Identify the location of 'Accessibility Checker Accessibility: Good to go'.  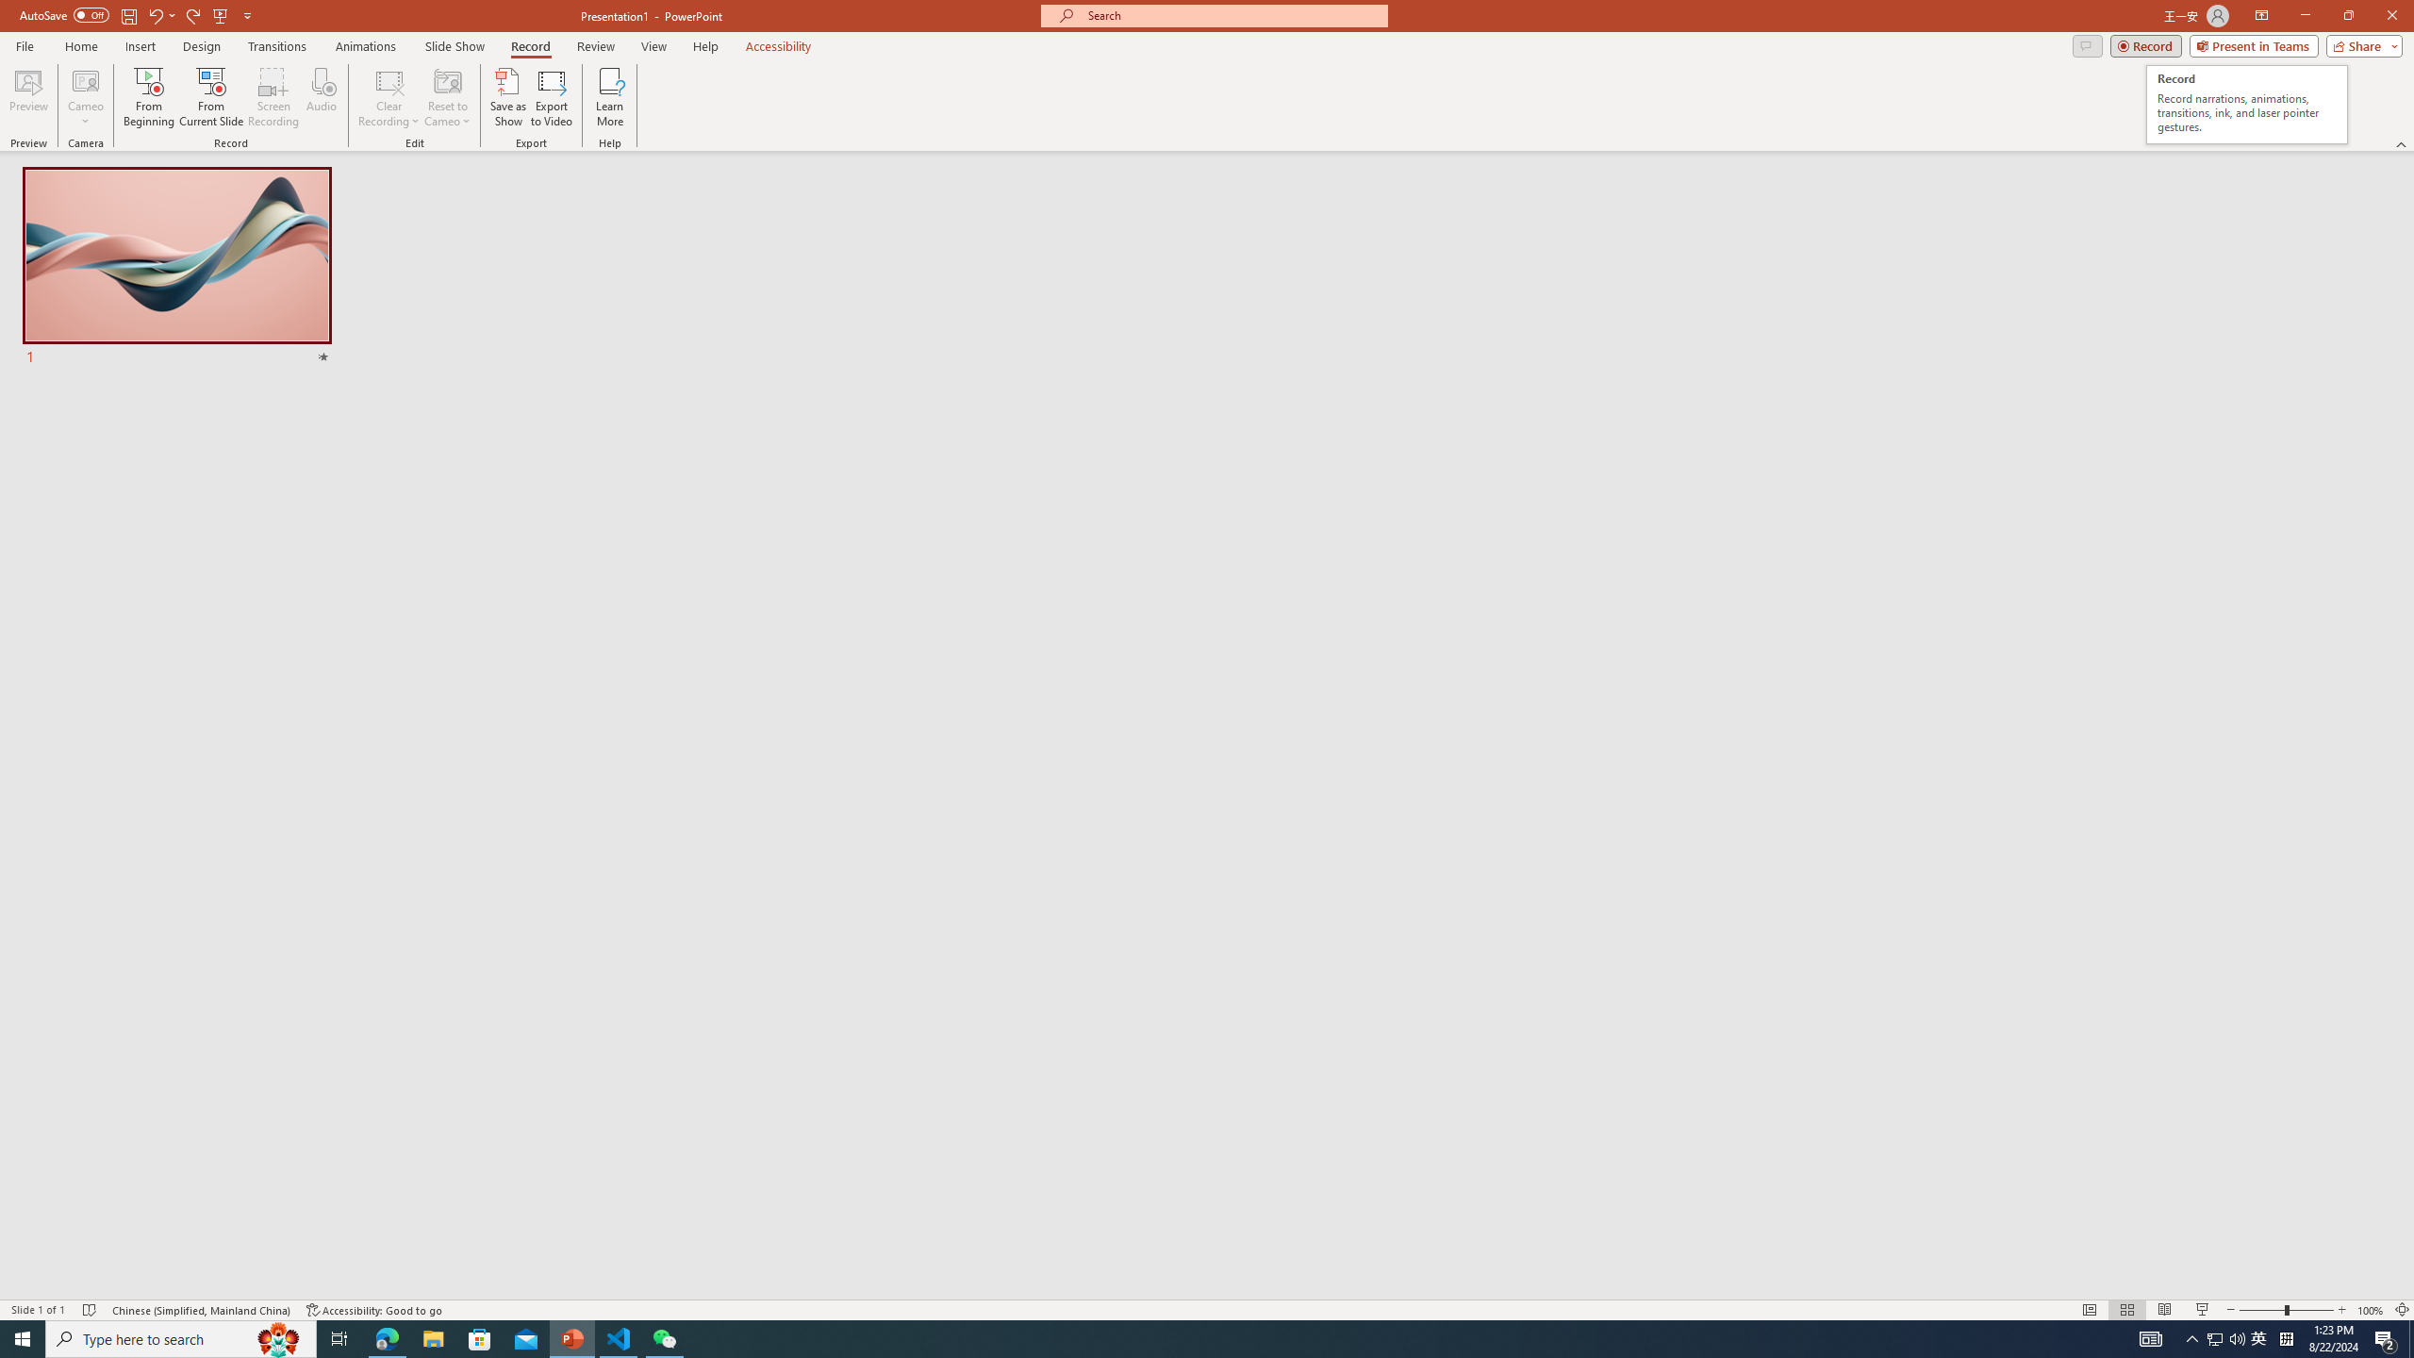
(375, 1310).